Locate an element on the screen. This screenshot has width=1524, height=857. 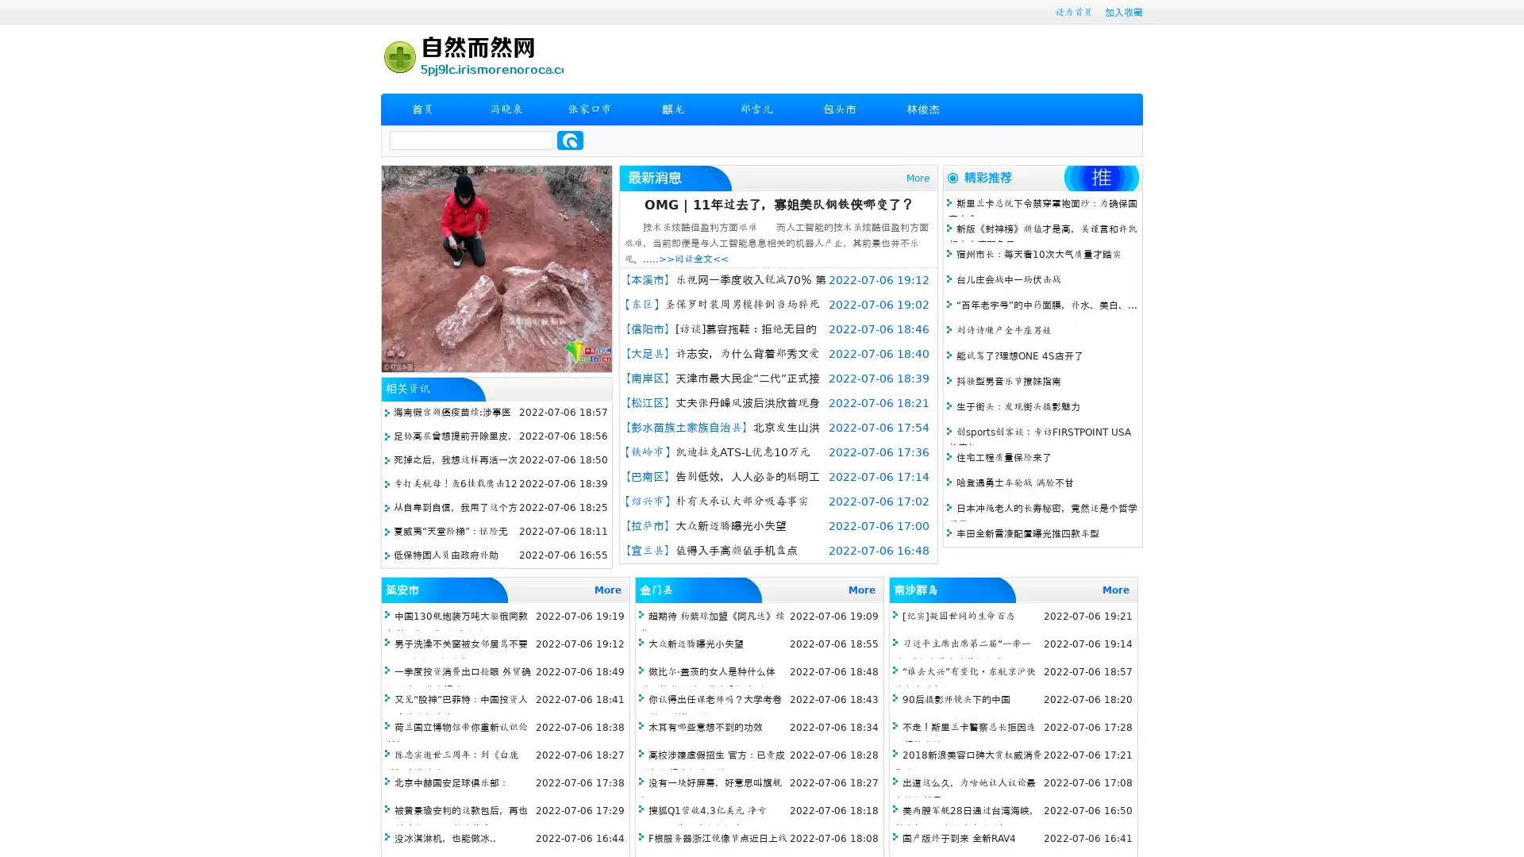
Search is located at coordinates (570, 140).